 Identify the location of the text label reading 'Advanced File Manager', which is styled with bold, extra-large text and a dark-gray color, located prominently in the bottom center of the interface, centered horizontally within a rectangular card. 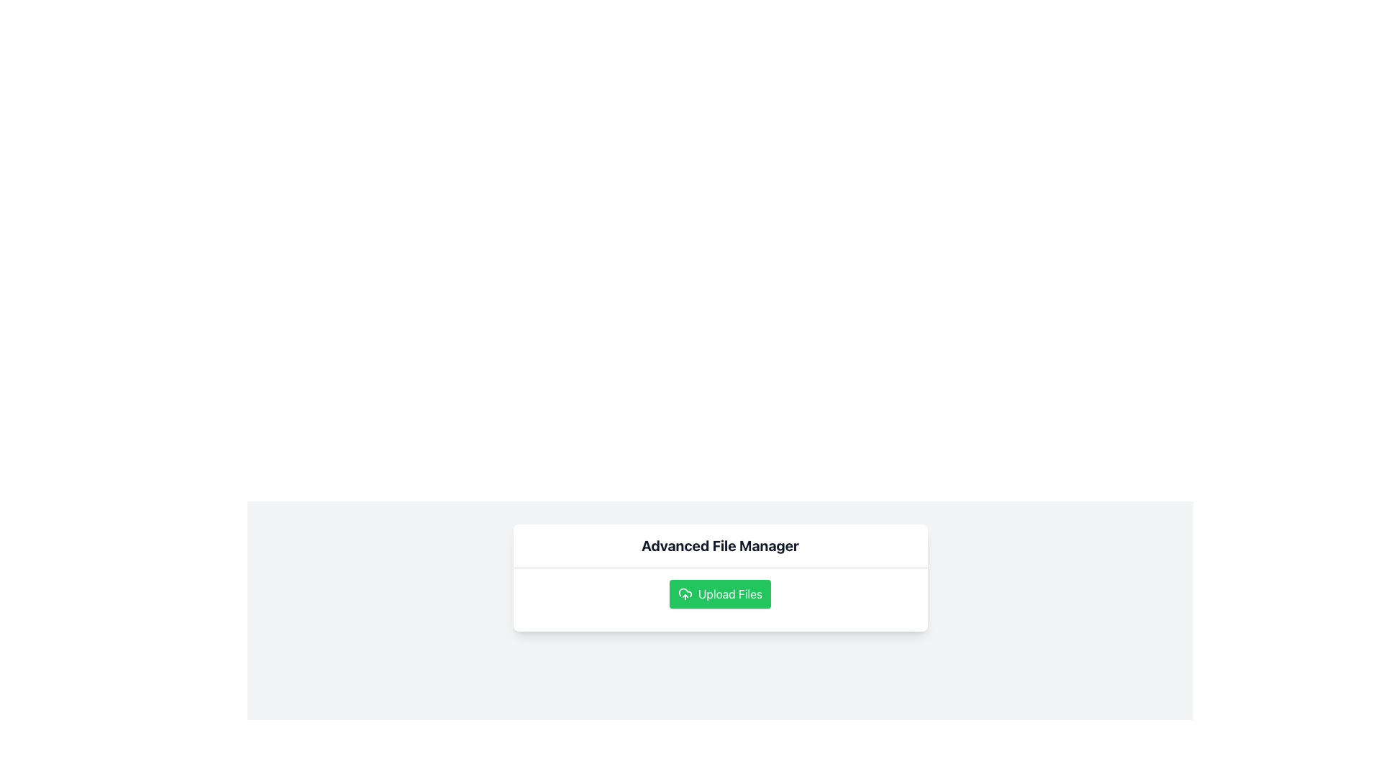
(720, 546).